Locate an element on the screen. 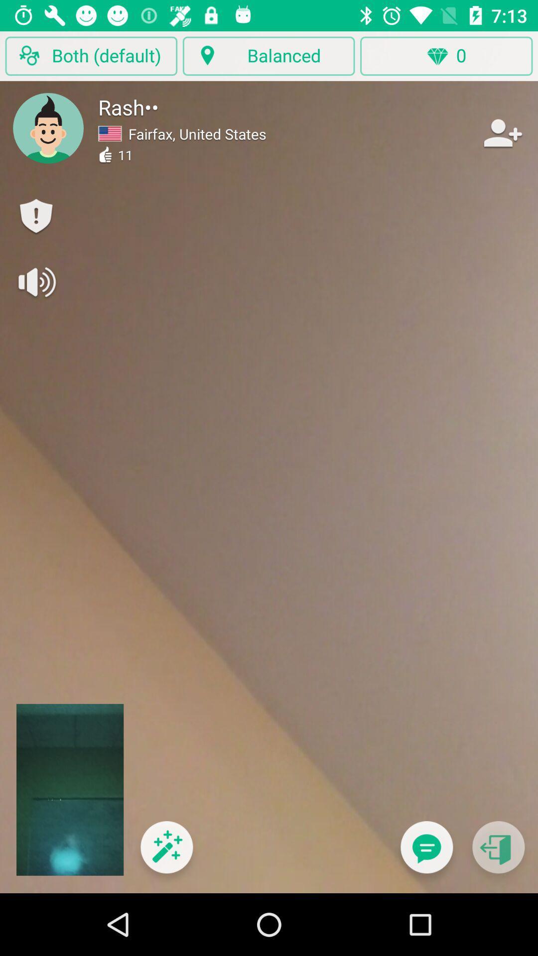  friend is located at coordinates (502, 132).